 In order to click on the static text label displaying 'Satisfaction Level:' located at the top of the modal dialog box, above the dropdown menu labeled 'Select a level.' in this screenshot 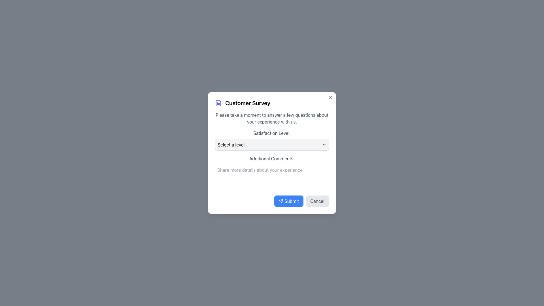, I will do `click(272, 133)`.